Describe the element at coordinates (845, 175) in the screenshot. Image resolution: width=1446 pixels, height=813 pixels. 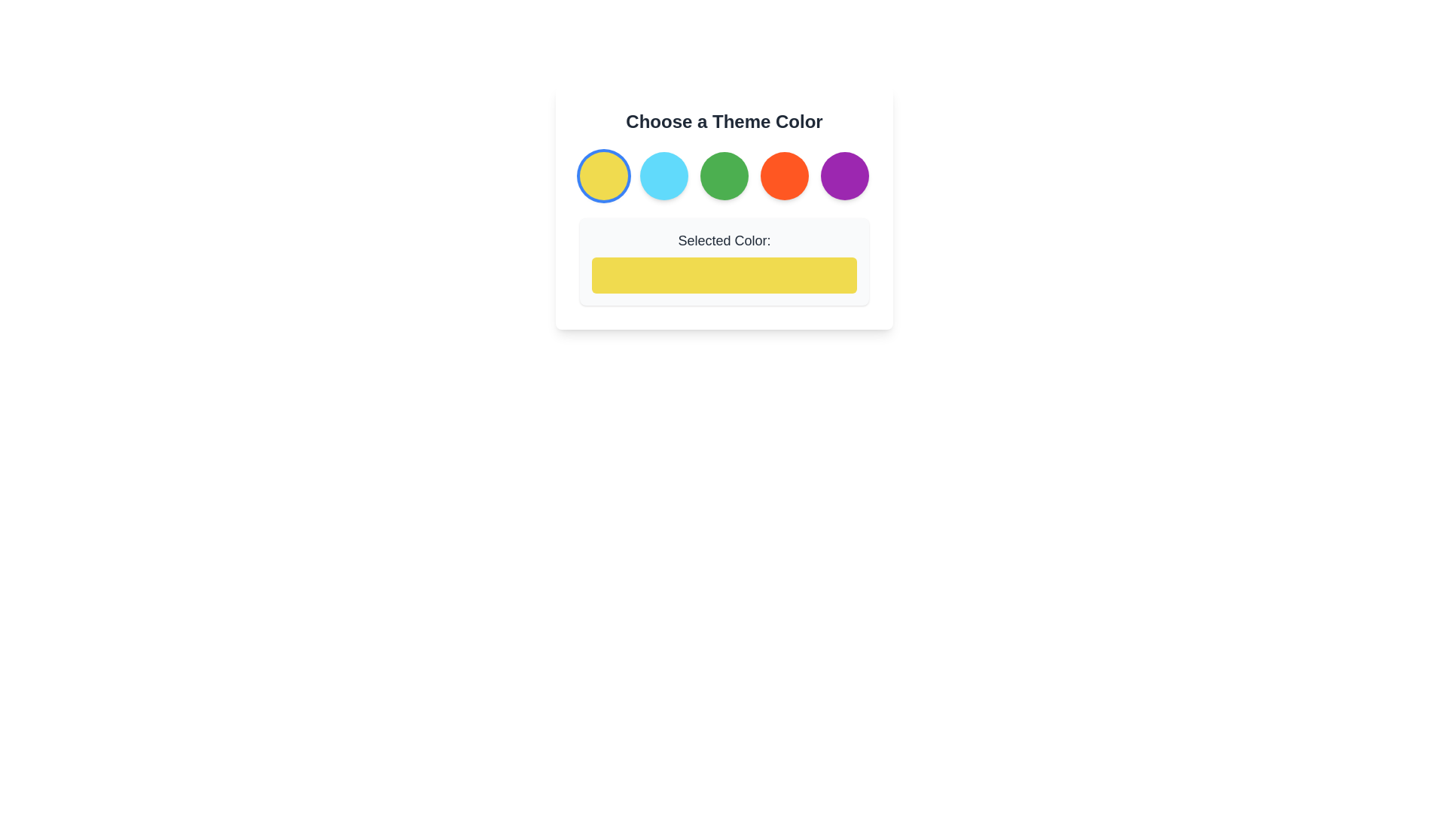
I see `the circular button with a purple background` at that location.